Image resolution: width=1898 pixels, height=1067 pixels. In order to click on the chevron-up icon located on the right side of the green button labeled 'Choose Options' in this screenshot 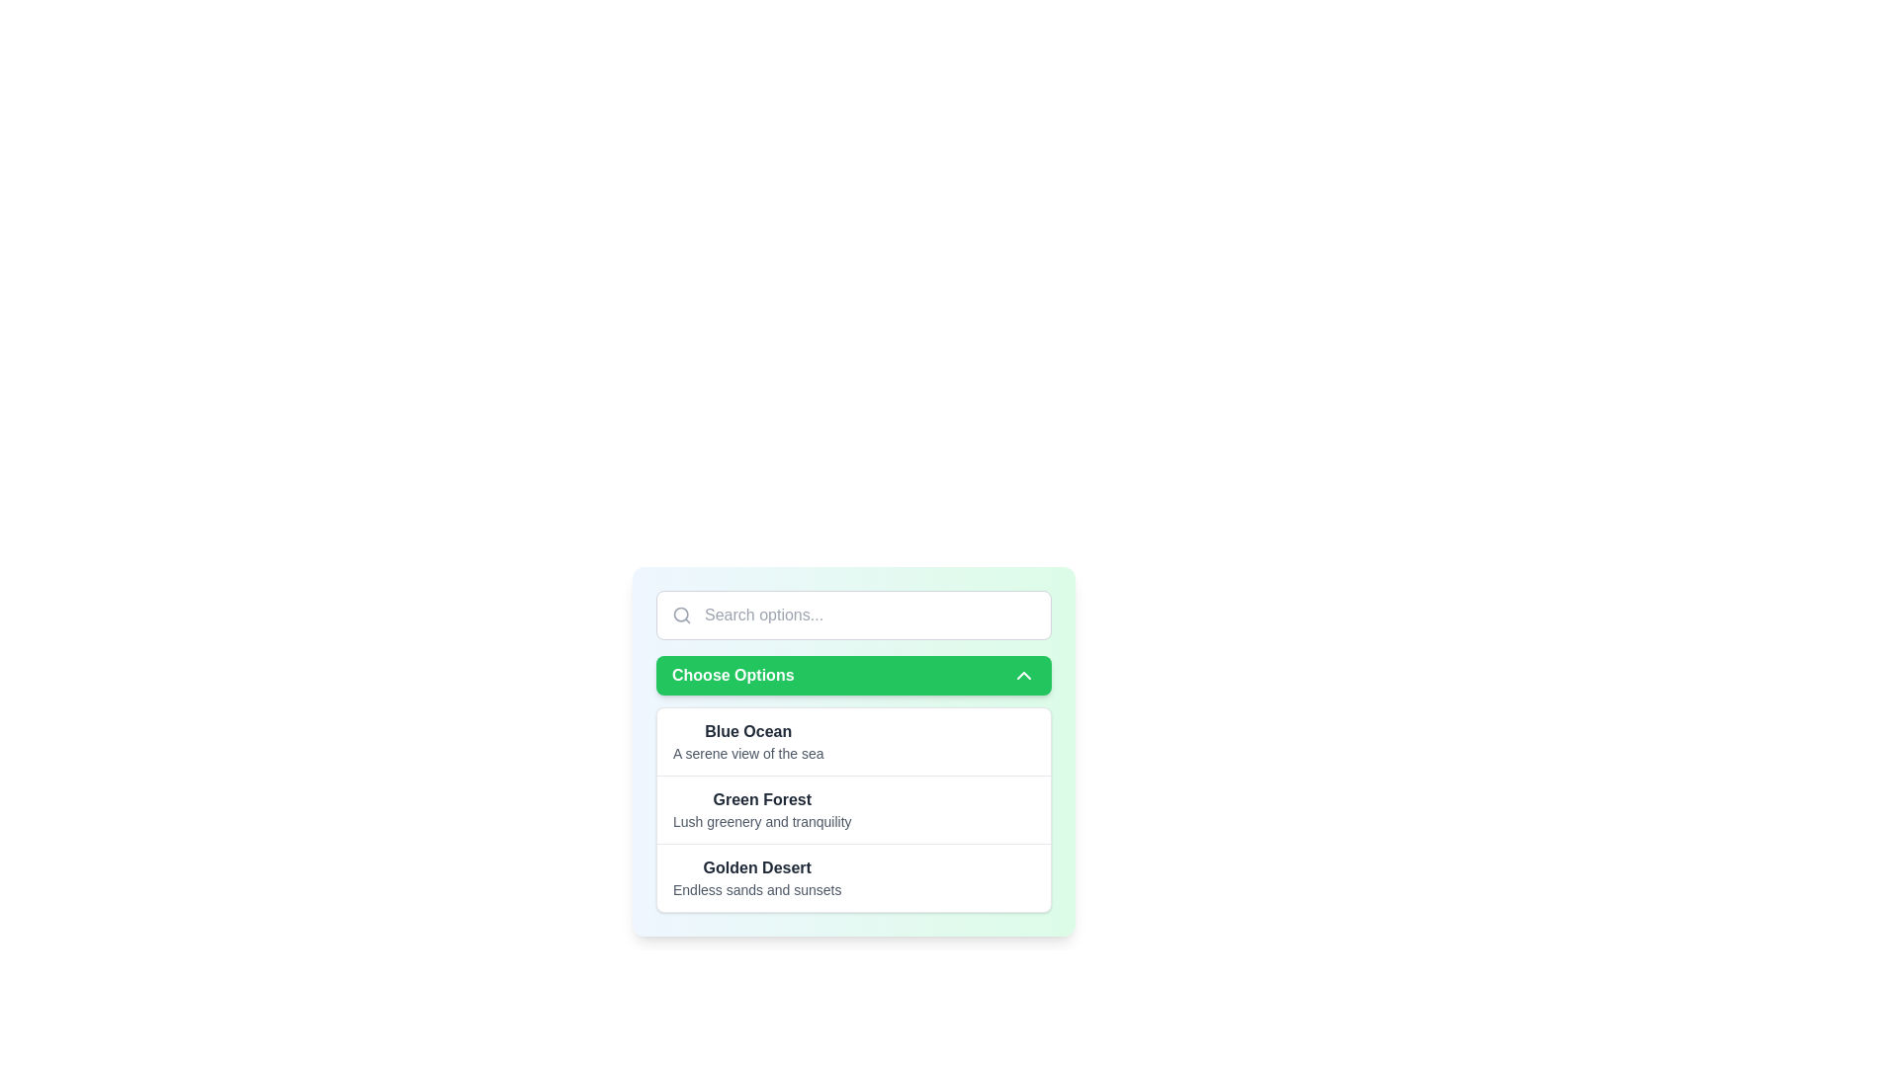, I will do `click(1024, 674)`.